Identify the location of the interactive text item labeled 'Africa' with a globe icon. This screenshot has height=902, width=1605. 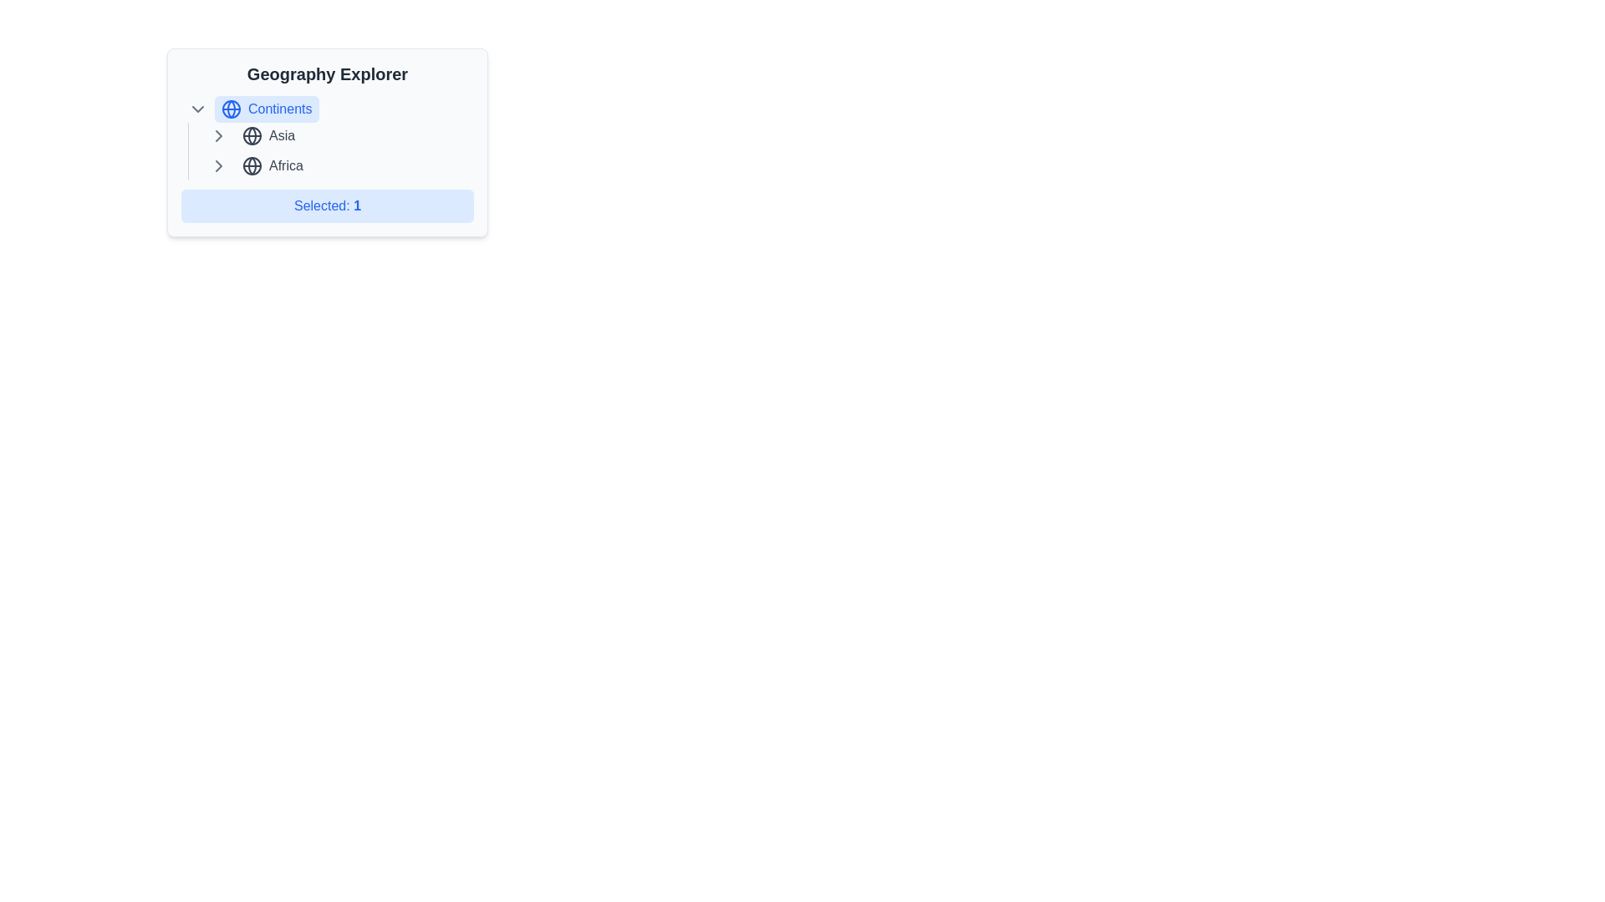
(273, 166).